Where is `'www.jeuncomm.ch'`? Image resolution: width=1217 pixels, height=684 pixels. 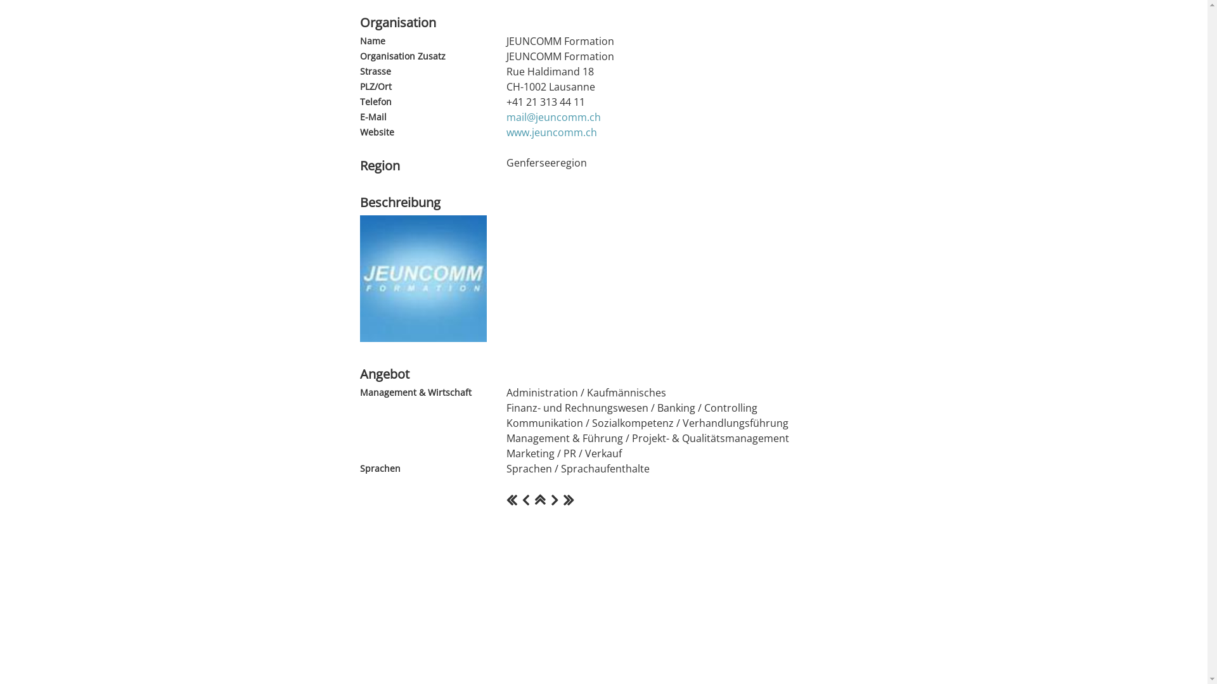 'www.jeuncomm.ch' is located at coordinates (551, 132).